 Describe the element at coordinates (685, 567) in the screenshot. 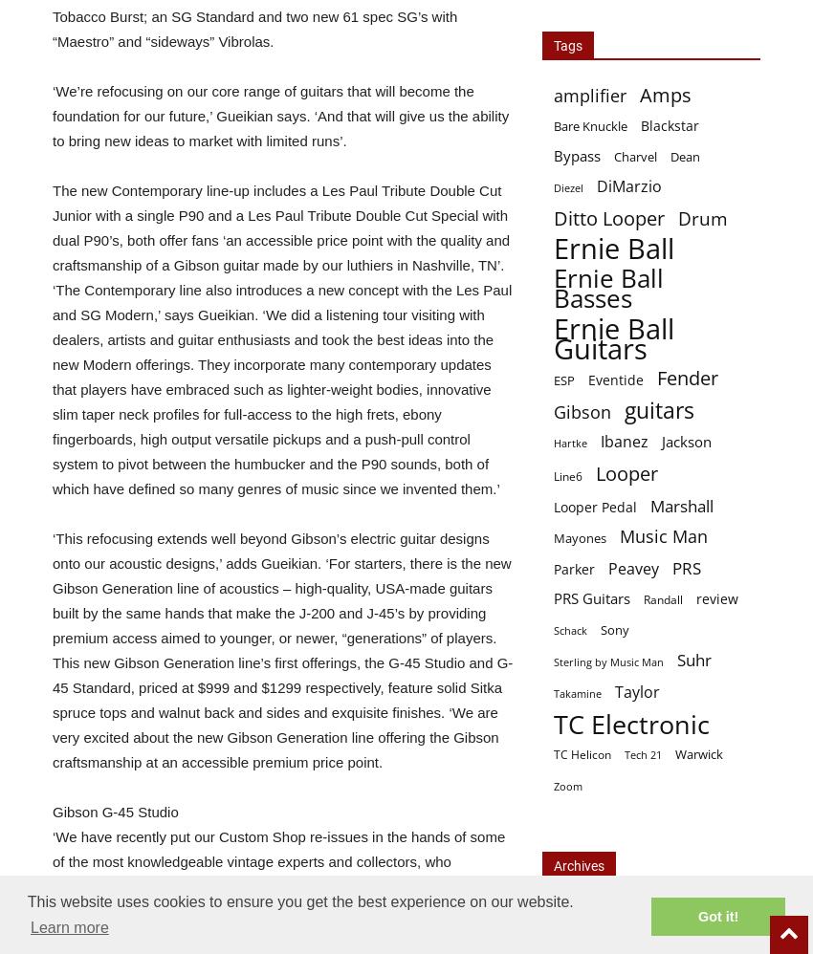

I see `'PRS'` at that location.